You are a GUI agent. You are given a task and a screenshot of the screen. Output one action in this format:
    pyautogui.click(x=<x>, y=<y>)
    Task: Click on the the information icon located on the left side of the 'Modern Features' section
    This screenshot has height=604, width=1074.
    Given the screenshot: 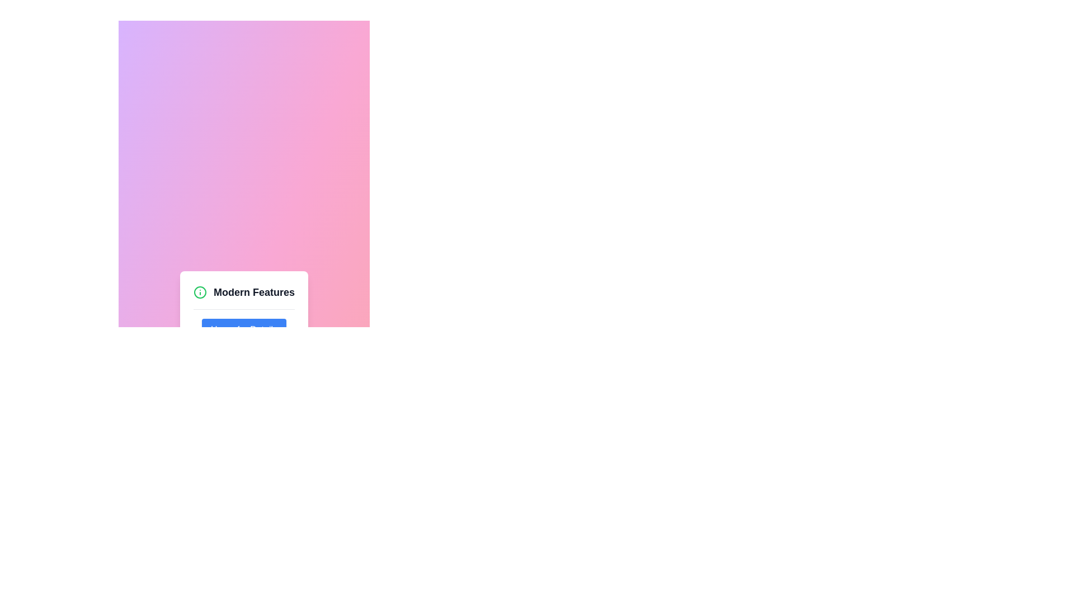 What is the action you would take?
    pyautogui.click(x=200, y=291)
    